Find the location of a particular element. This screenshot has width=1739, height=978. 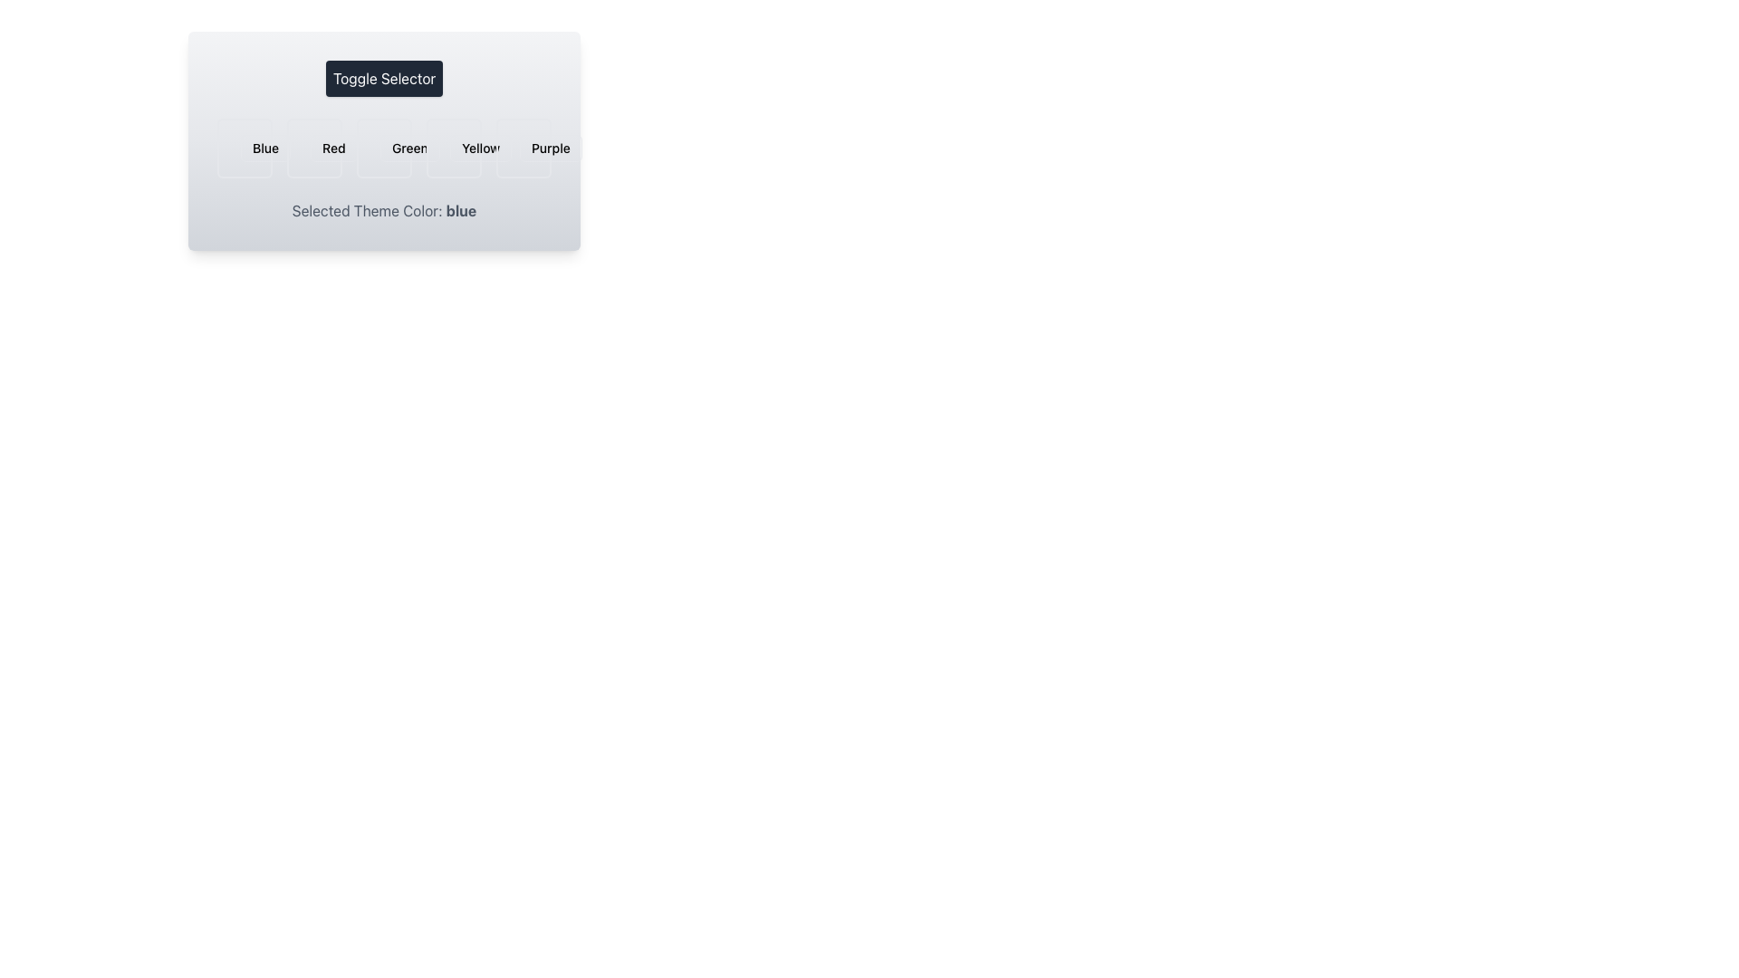

the 'Blue' theme toggle icon is located at coordinates (243, 148).